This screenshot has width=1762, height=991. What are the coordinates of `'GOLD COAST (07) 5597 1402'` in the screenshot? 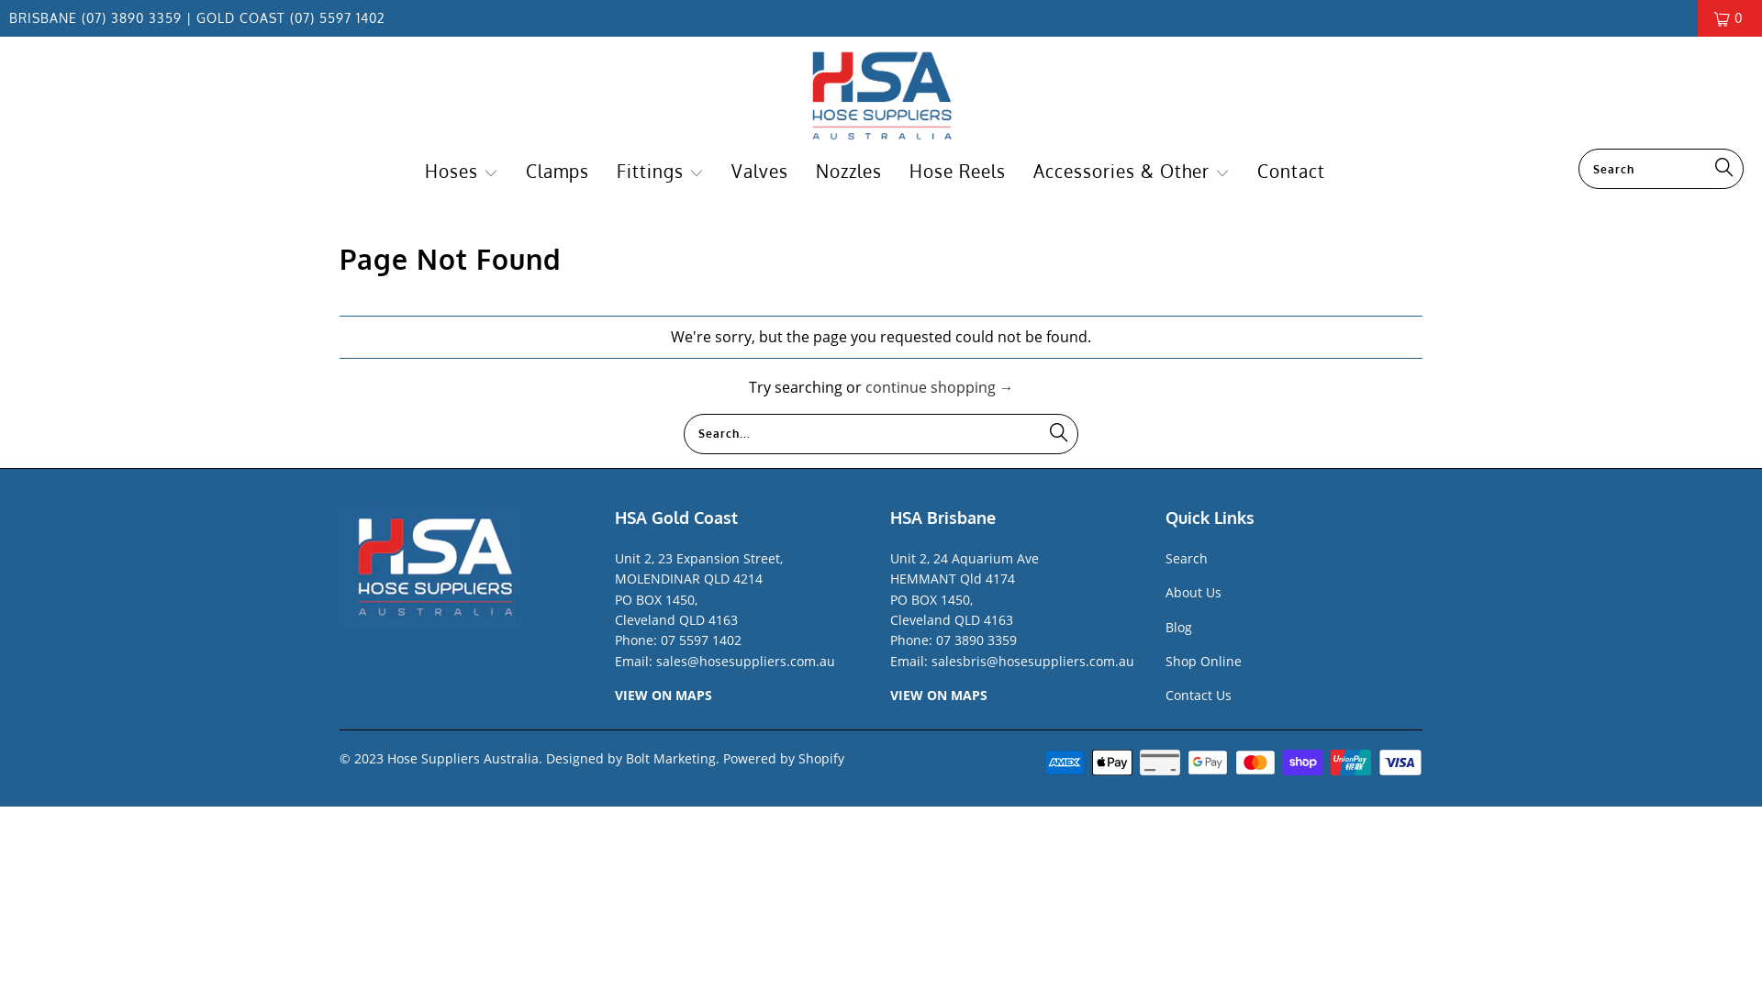 It's located at (192, 17).